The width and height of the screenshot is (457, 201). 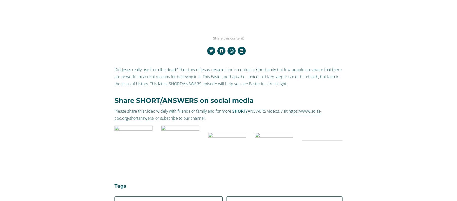 I want to click on 'ANSWERS on social media', so click(x=208, y=100).